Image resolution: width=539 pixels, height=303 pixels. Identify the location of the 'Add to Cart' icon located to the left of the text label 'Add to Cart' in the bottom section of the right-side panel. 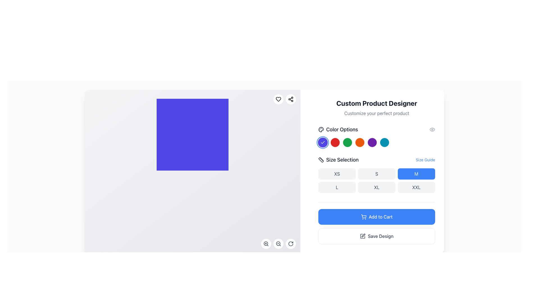
(364, 216).